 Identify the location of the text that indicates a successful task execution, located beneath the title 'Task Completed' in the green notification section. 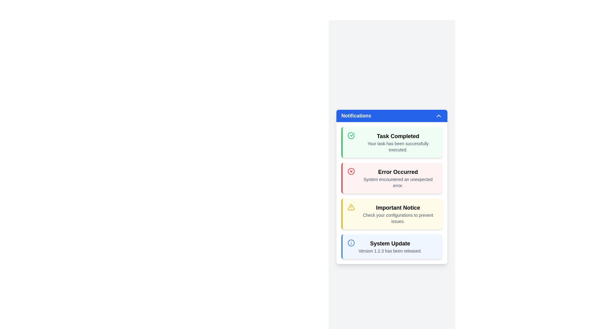
(398, 146).